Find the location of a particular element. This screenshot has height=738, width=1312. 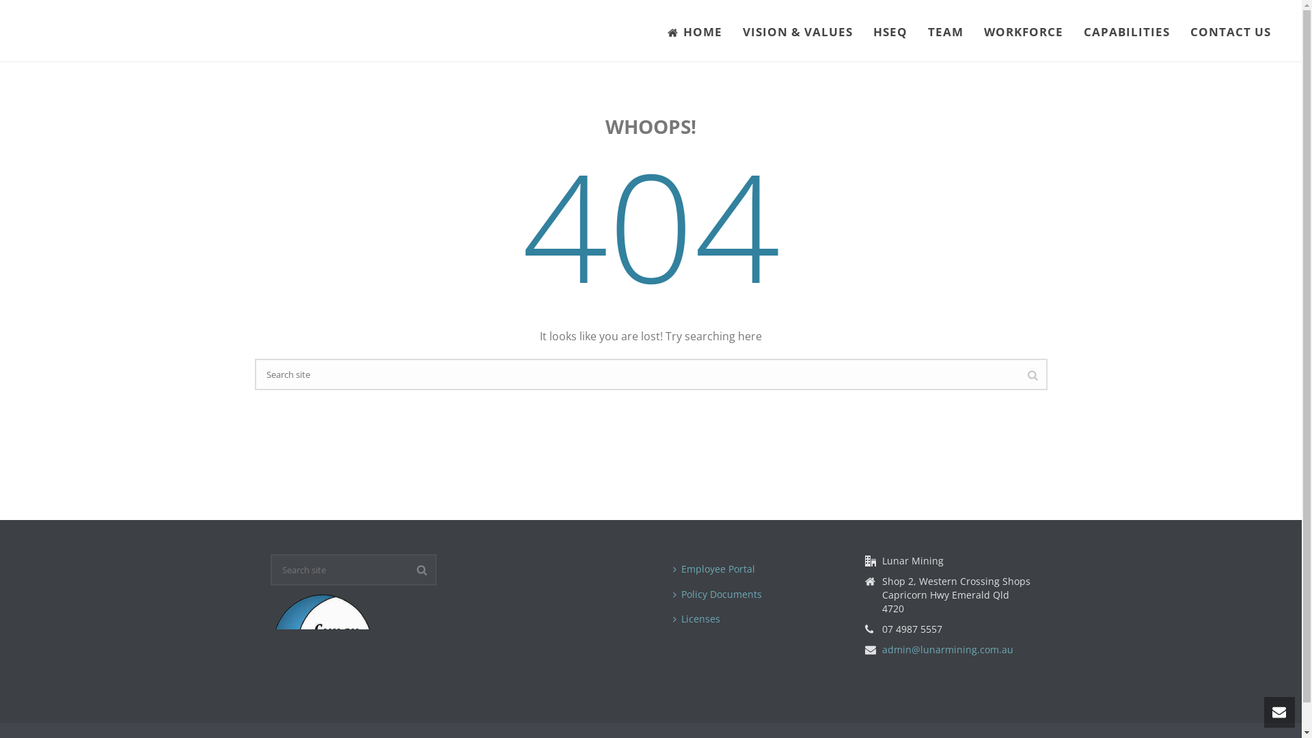

'Licenses' is located at coordinates (700, 619).